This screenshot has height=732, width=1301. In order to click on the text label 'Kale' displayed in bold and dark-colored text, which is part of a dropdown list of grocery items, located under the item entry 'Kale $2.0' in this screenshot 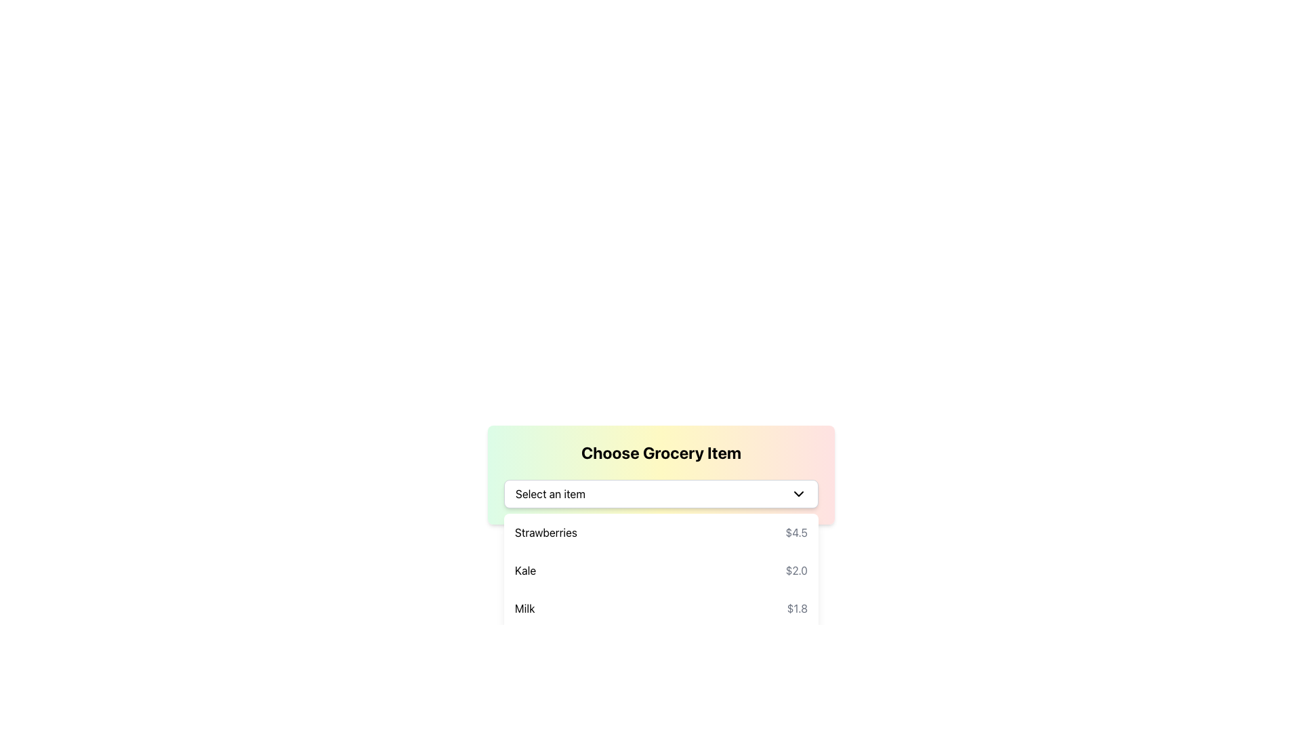, I will do `click(524, 570)`.